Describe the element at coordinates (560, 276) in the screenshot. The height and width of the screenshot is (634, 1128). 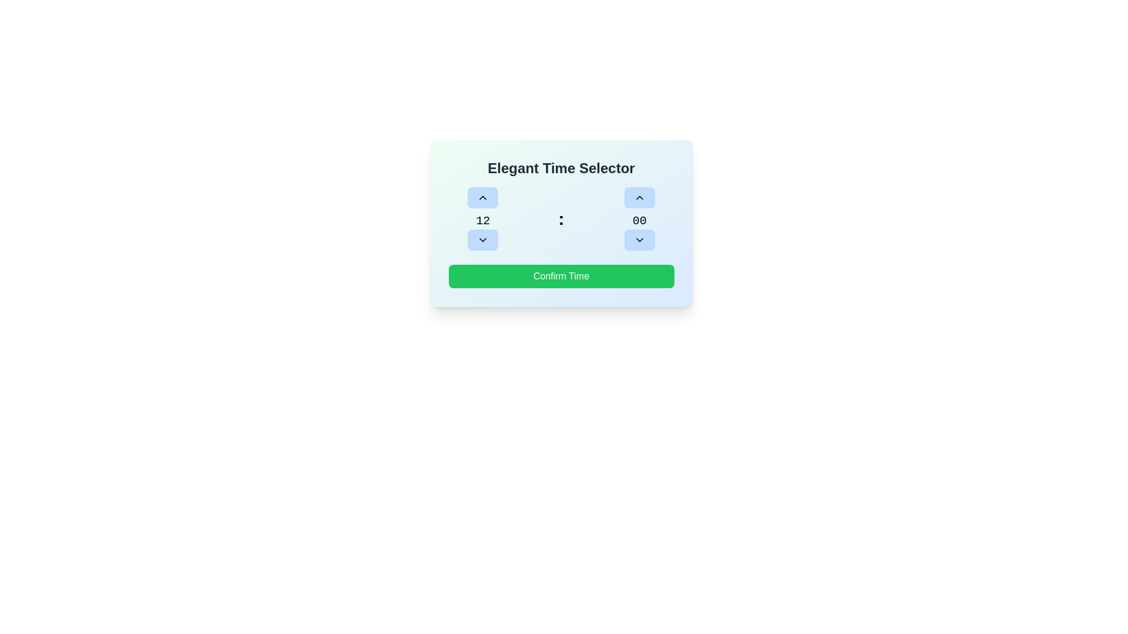
I see `keyboard navigation` at that location.